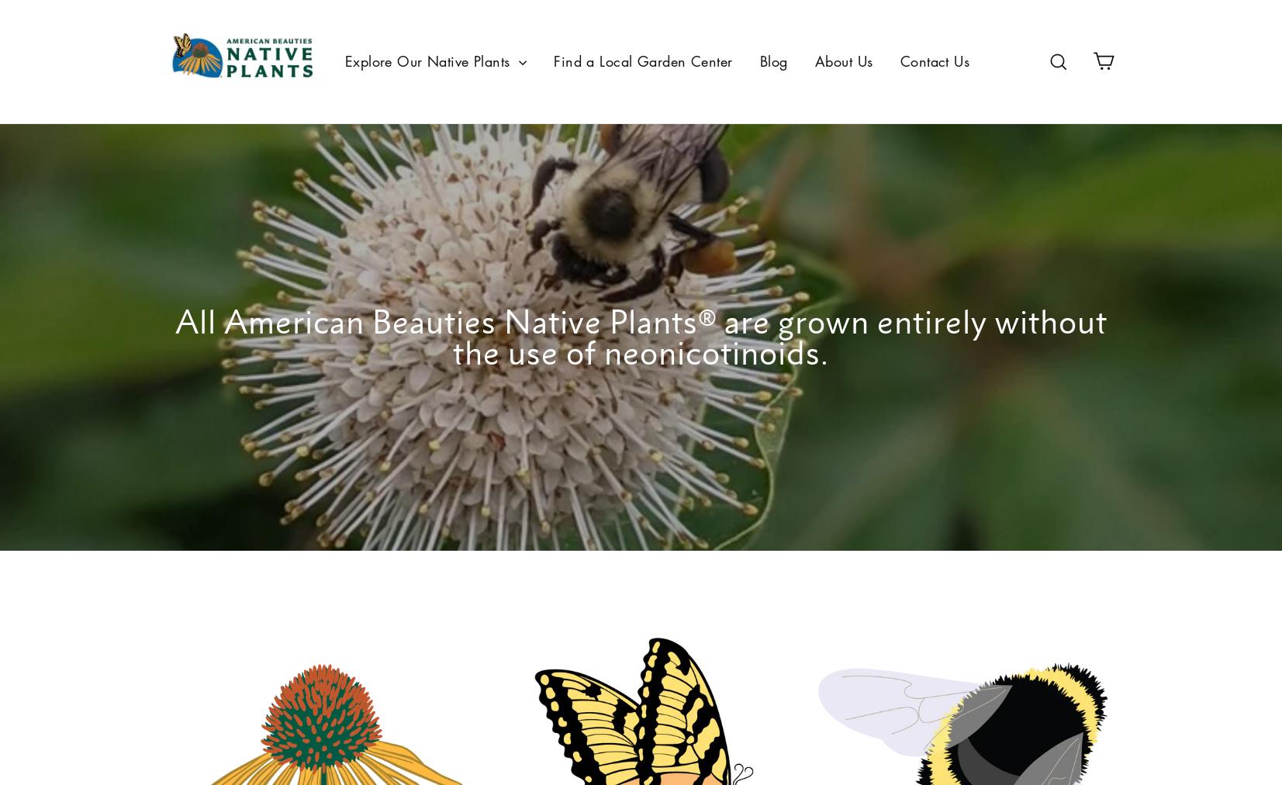  Describe the element at coordinates (642, 60) in the screenshot. I see `'Find a Local Garden Center'` at that location.